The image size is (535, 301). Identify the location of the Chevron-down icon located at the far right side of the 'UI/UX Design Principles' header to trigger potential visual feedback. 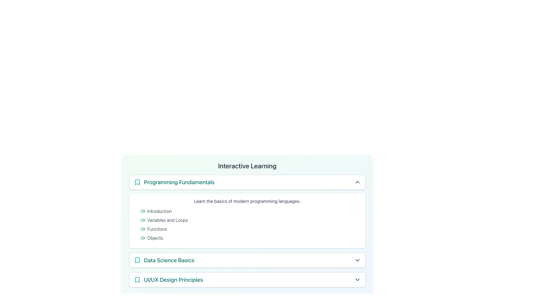
(357, 280).